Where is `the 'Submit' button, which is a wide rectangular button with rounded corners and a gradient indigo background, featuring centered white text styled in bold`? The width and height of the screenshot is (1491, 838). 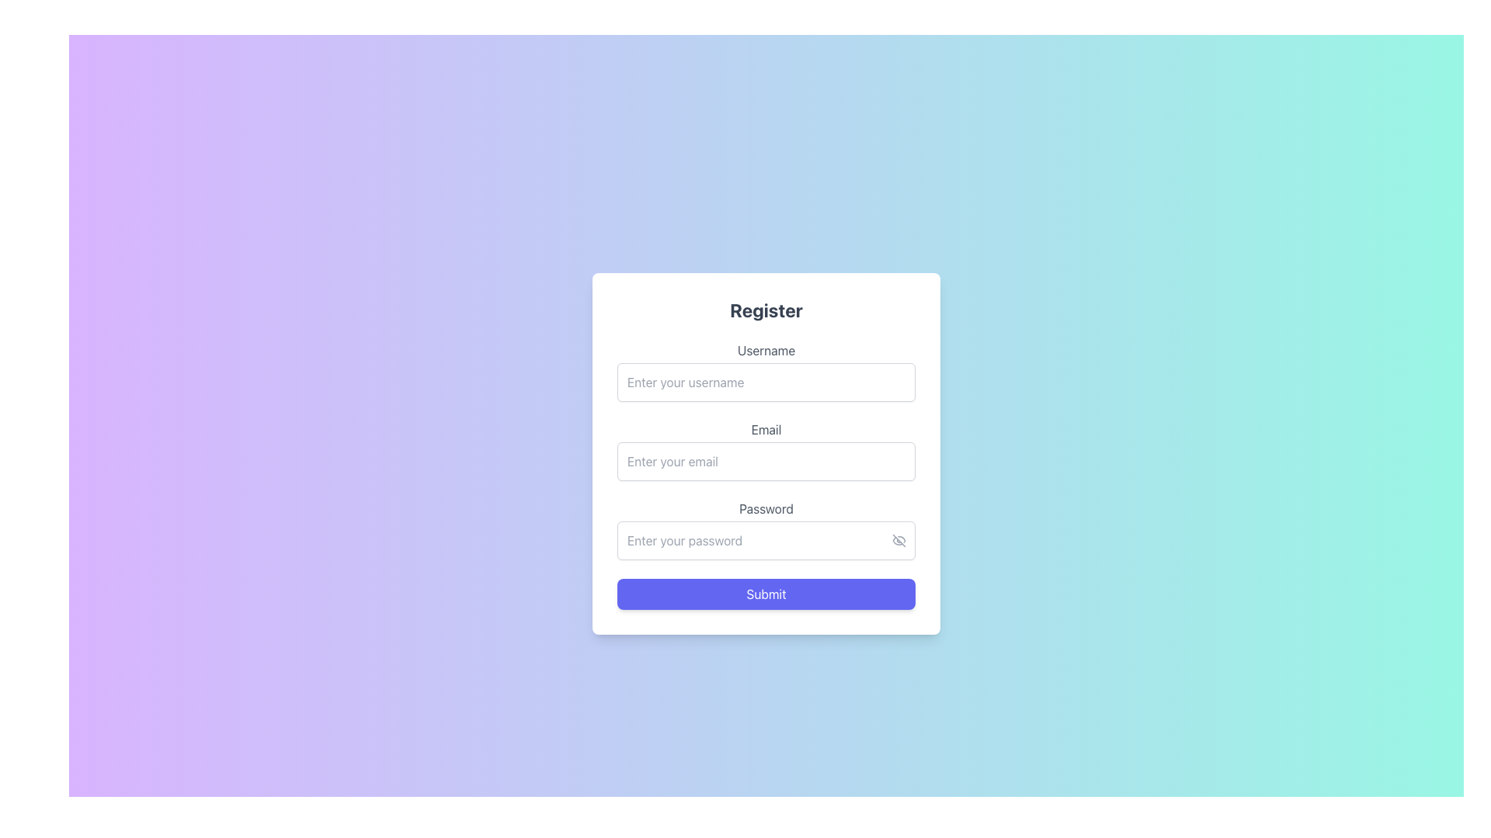
the 'Submit' button, which is a wide rectangular button with rounded corners and a gradient indigo background, featuring centered white text styled in bold is located at coordinates (766, 594).